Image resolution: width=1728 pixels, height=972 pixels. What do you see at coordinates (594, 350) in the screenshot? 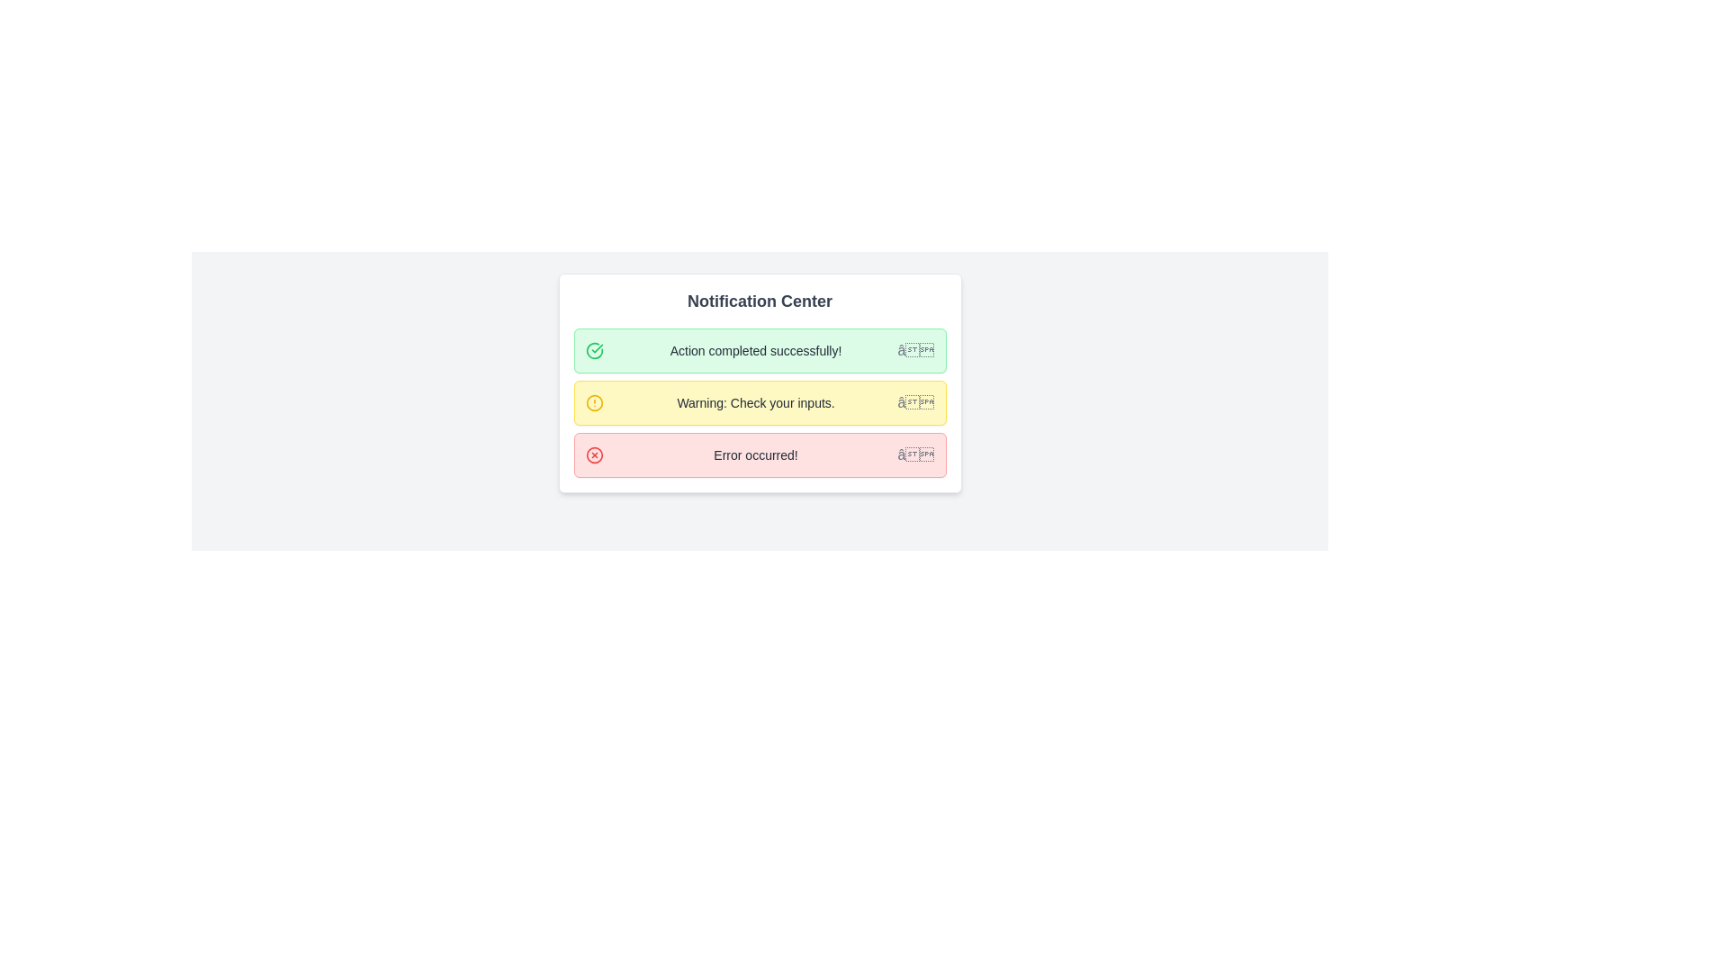
I see `the green success icon of the notification type indicator, which is part of the circular check icon in the Notification Center, indicating a successfully completed action` at bounding box center [594, 350].